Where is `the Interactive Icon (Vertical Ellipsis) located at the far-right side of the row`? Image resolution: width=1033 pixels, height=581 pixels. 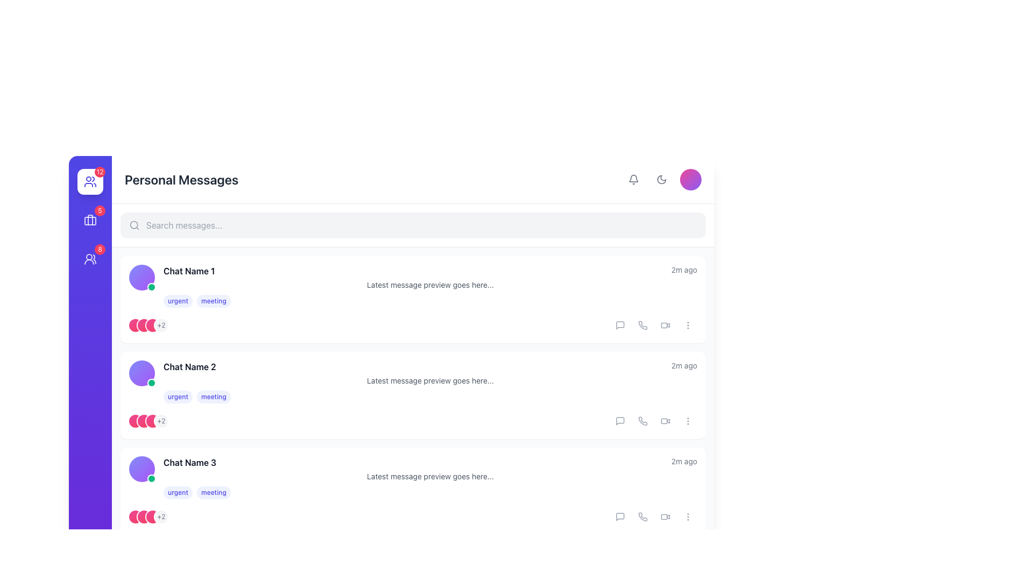 the Interactive Icon (Vertical Ellipsis) located at the far-right side of the row is located at coordinates (687, 325).